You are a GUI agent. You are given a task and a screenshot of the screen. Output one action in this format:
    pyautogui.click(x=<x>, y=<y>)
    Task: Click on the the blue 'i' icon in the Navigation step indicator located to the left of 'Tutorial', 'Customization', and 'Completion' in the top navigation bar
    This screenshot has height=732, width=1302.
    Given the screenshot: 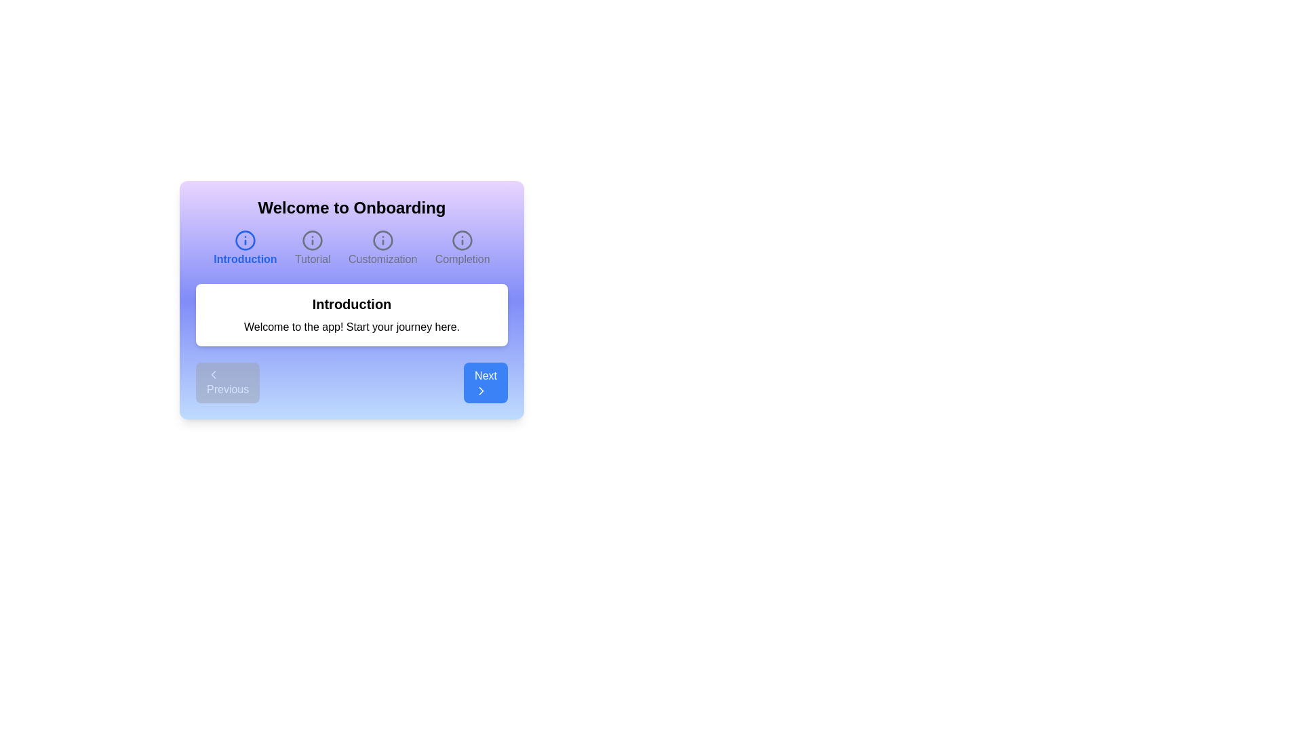 What is the action you would take?
    pyautogui.click(x=245, y=248)
    